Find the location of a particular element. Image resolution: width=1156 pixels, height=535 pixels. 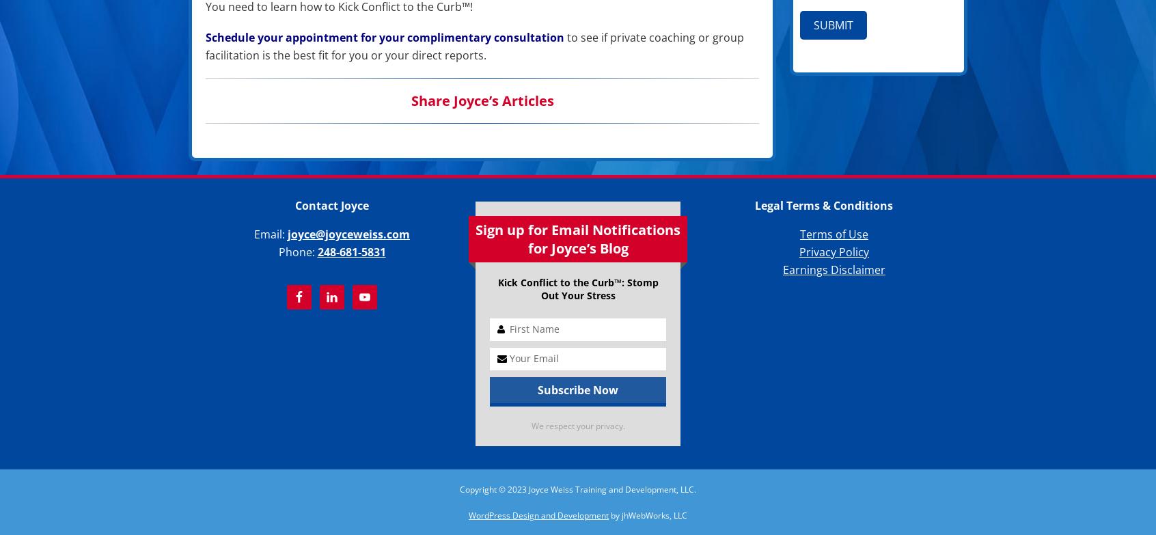

'Phone:' is located at coordinates (297, 252).